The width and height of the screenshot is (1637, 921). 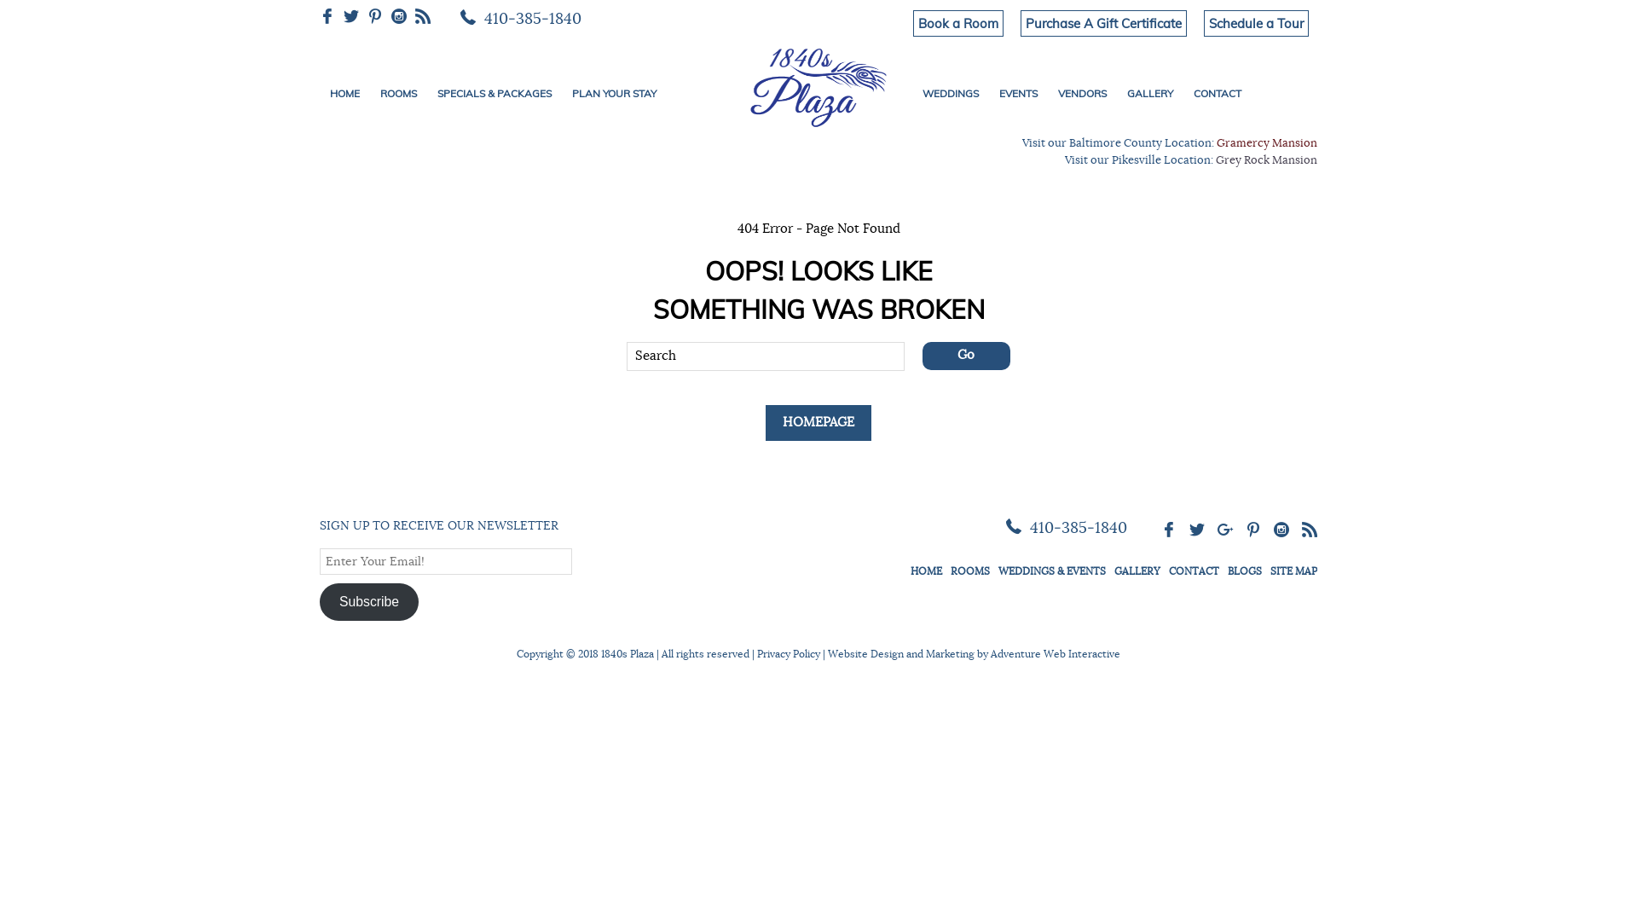 What do you see at coordinates (561, 94) in the screenshot?
I see `'PLAN YOUR STAY'` at bounding box center [561, 94].